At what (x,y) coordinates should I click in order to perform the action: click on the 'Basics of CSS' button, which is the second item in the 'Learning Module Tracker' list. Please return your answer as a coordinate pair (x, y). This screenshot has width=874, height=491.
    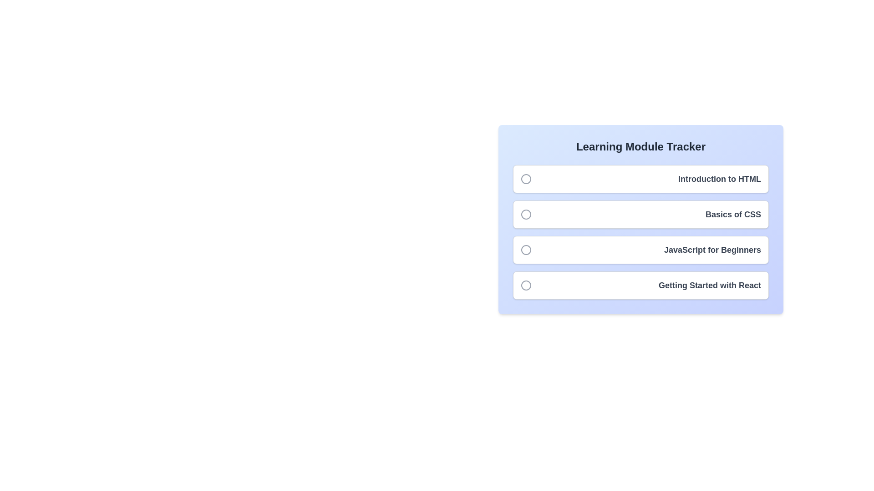
    Looking at the image, I should click on (640, 219).